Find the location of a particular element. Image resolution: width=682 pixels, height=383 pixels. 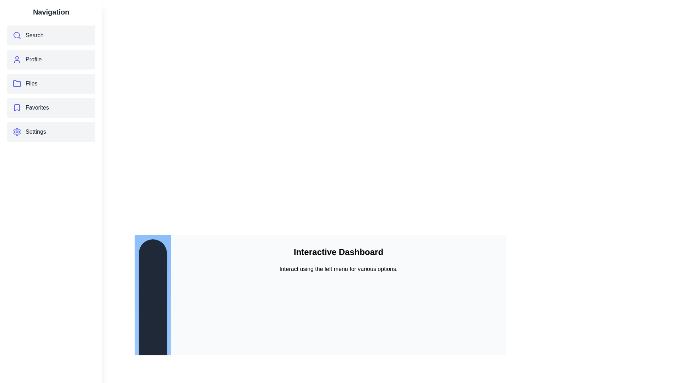

the menu item corresponding to Search to navigate is located at coordinates (51, 35).